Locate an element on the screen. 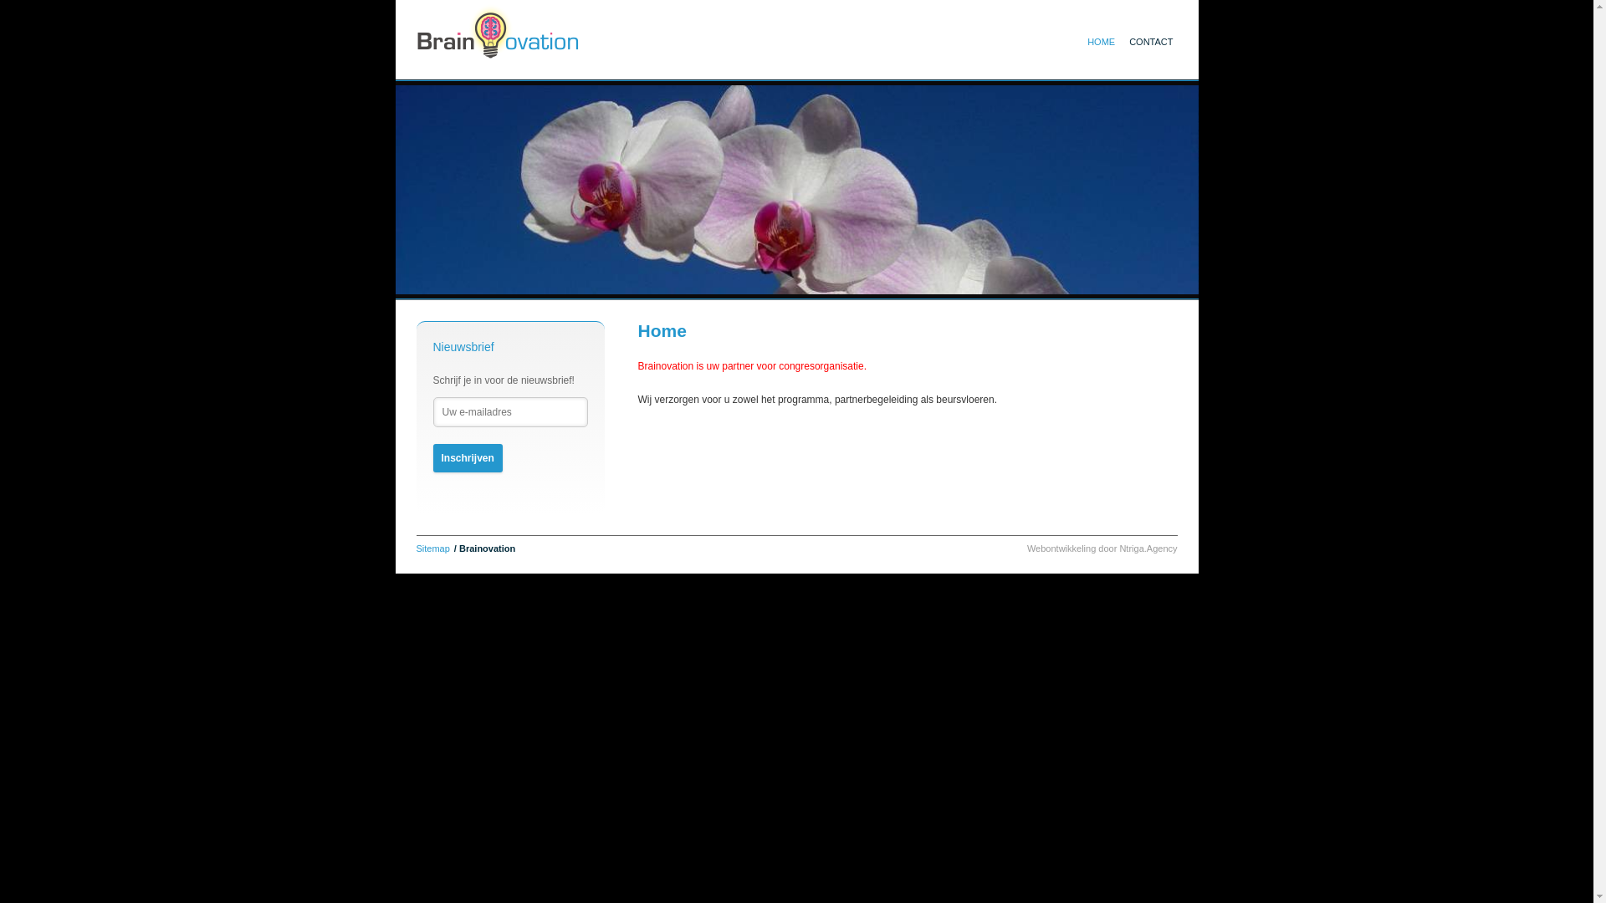 The height and width of the screenshot is (903, 1606). 'Webontwikkeling door' is located at coordinates (1072, 548).